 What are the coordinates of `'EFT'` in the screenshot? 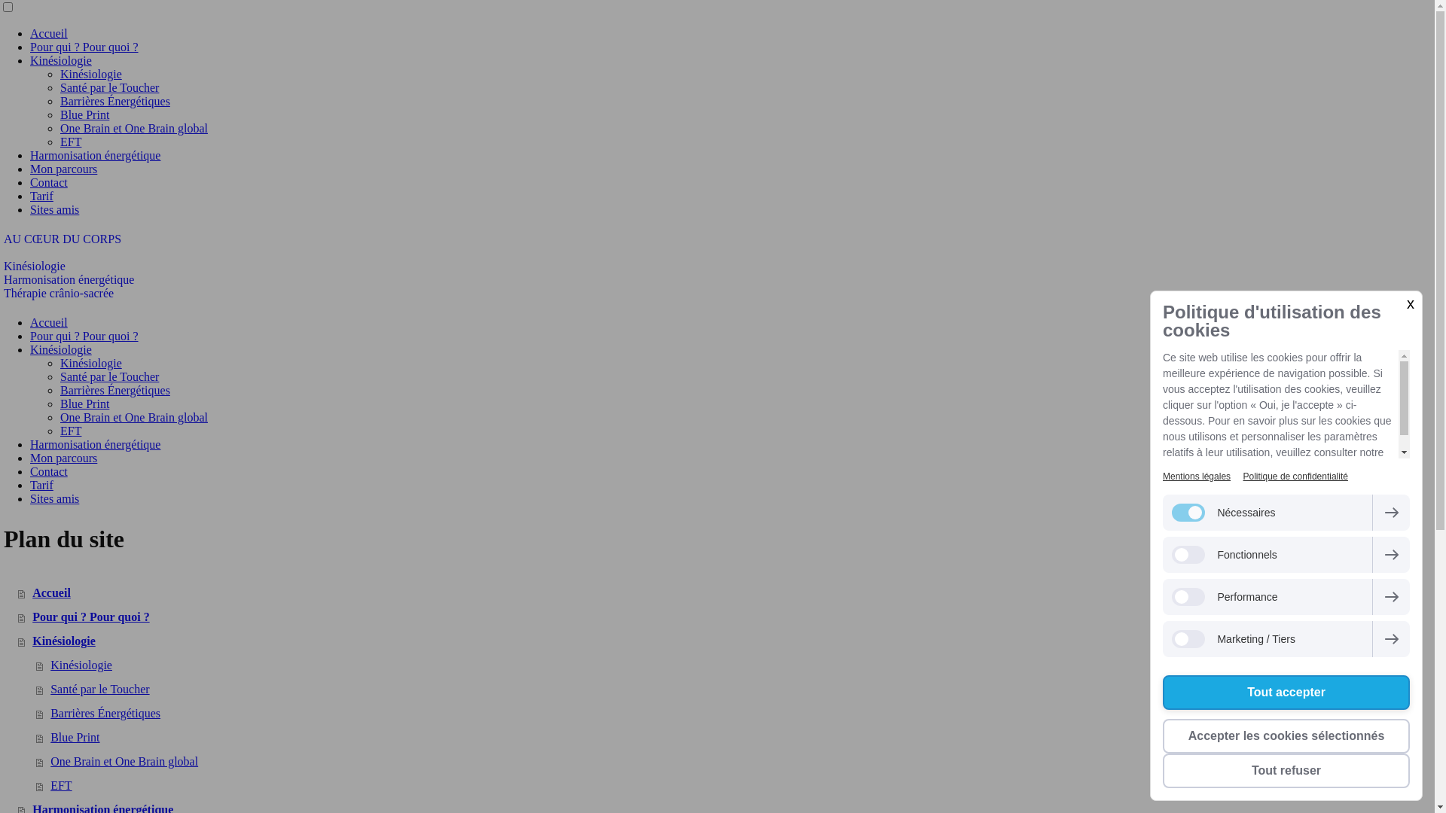 It's located at (36, 785).